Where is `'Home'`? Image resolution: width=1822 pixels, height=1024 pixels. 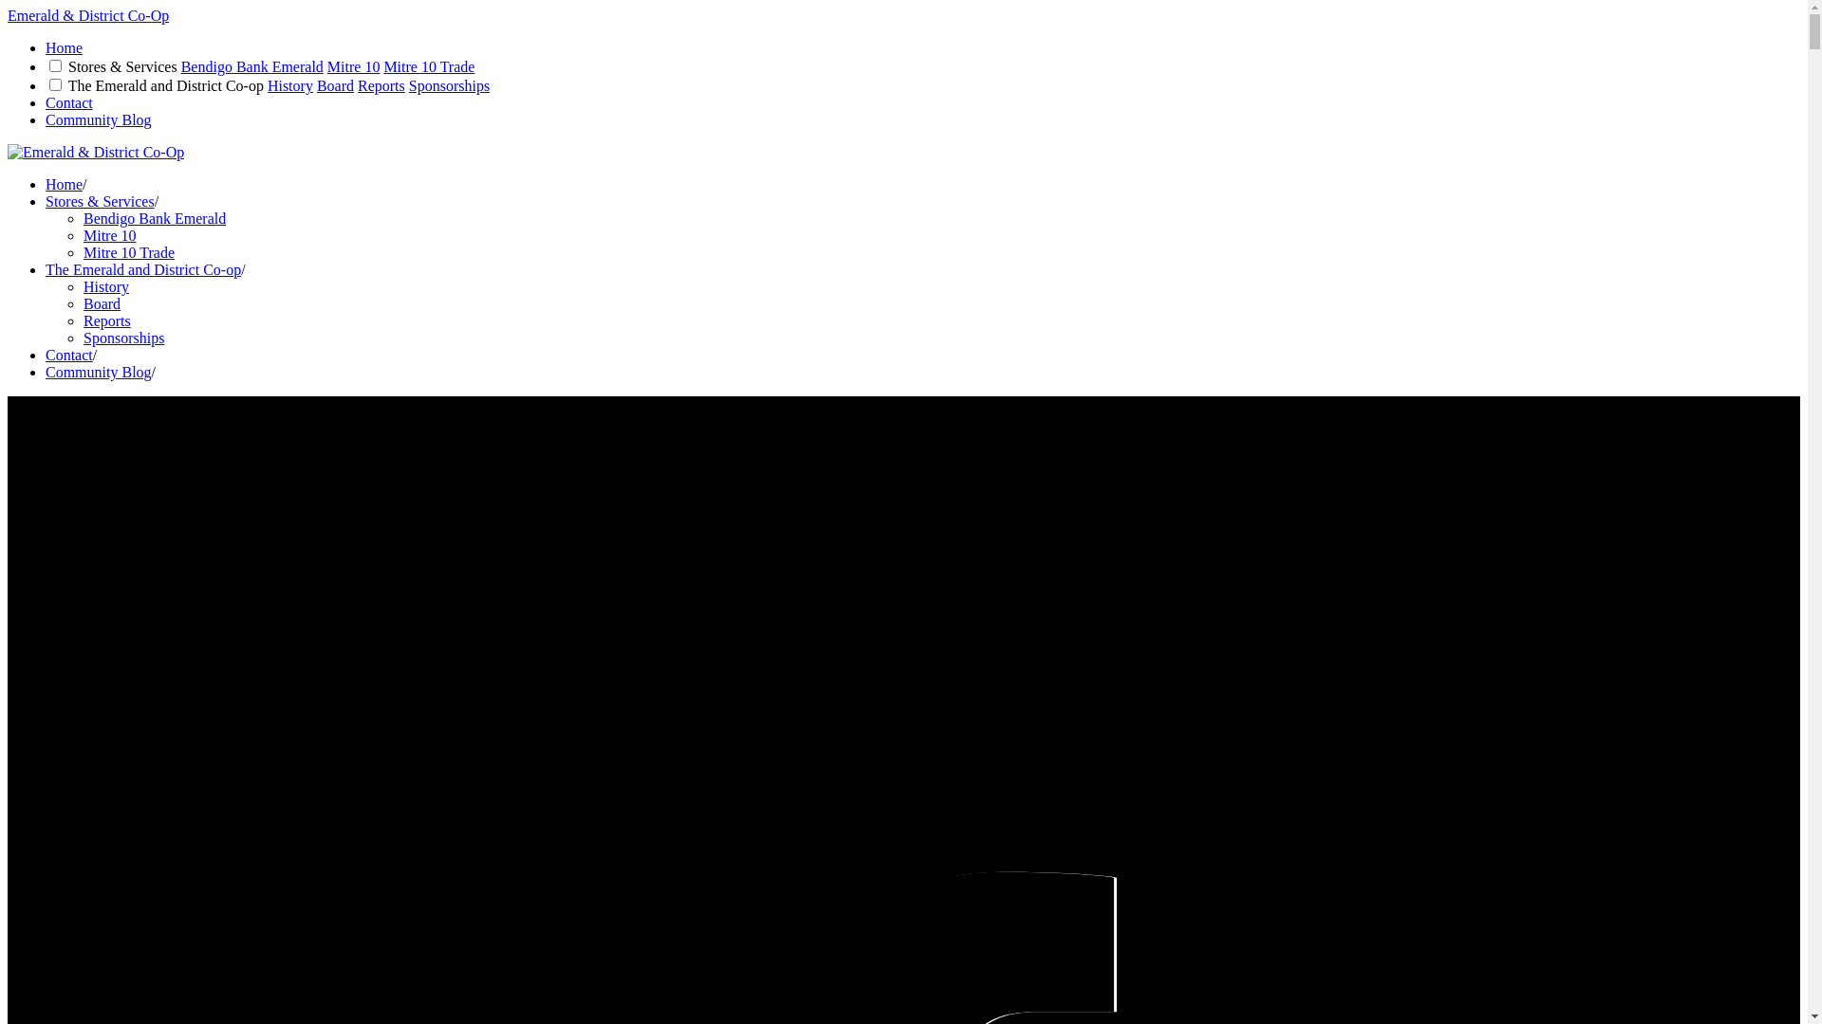 'Home' is located at coordinates (64, 46).